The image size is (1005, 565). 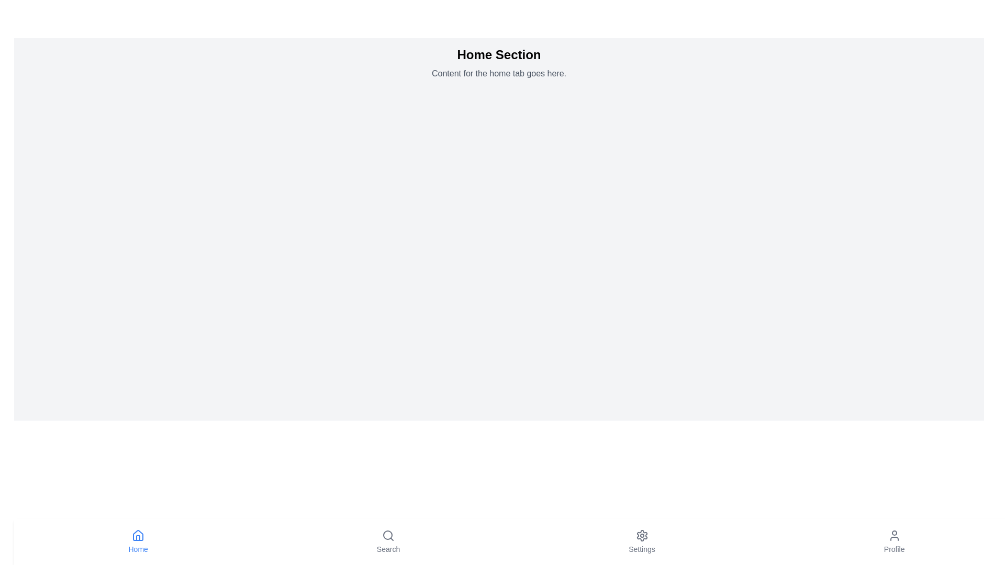 I want to click on the 'Home' button in the bottom navigation bar, which is styled in blue and features a house icon with the text 'Home' beneath it, so click(x=138, y=541).